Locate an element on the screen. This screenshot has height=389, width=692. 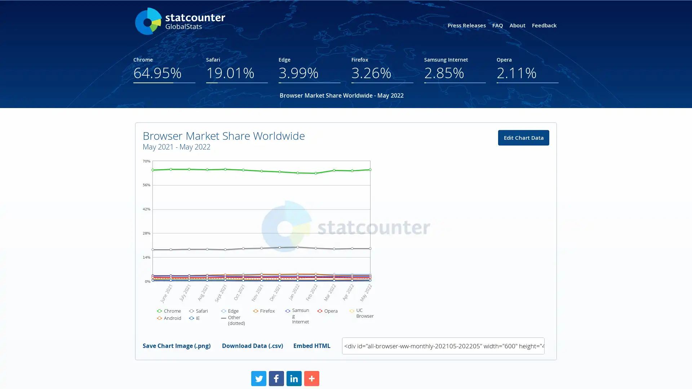
Share to LinkedIn LinkedIn is located at coordinates (350, 378).